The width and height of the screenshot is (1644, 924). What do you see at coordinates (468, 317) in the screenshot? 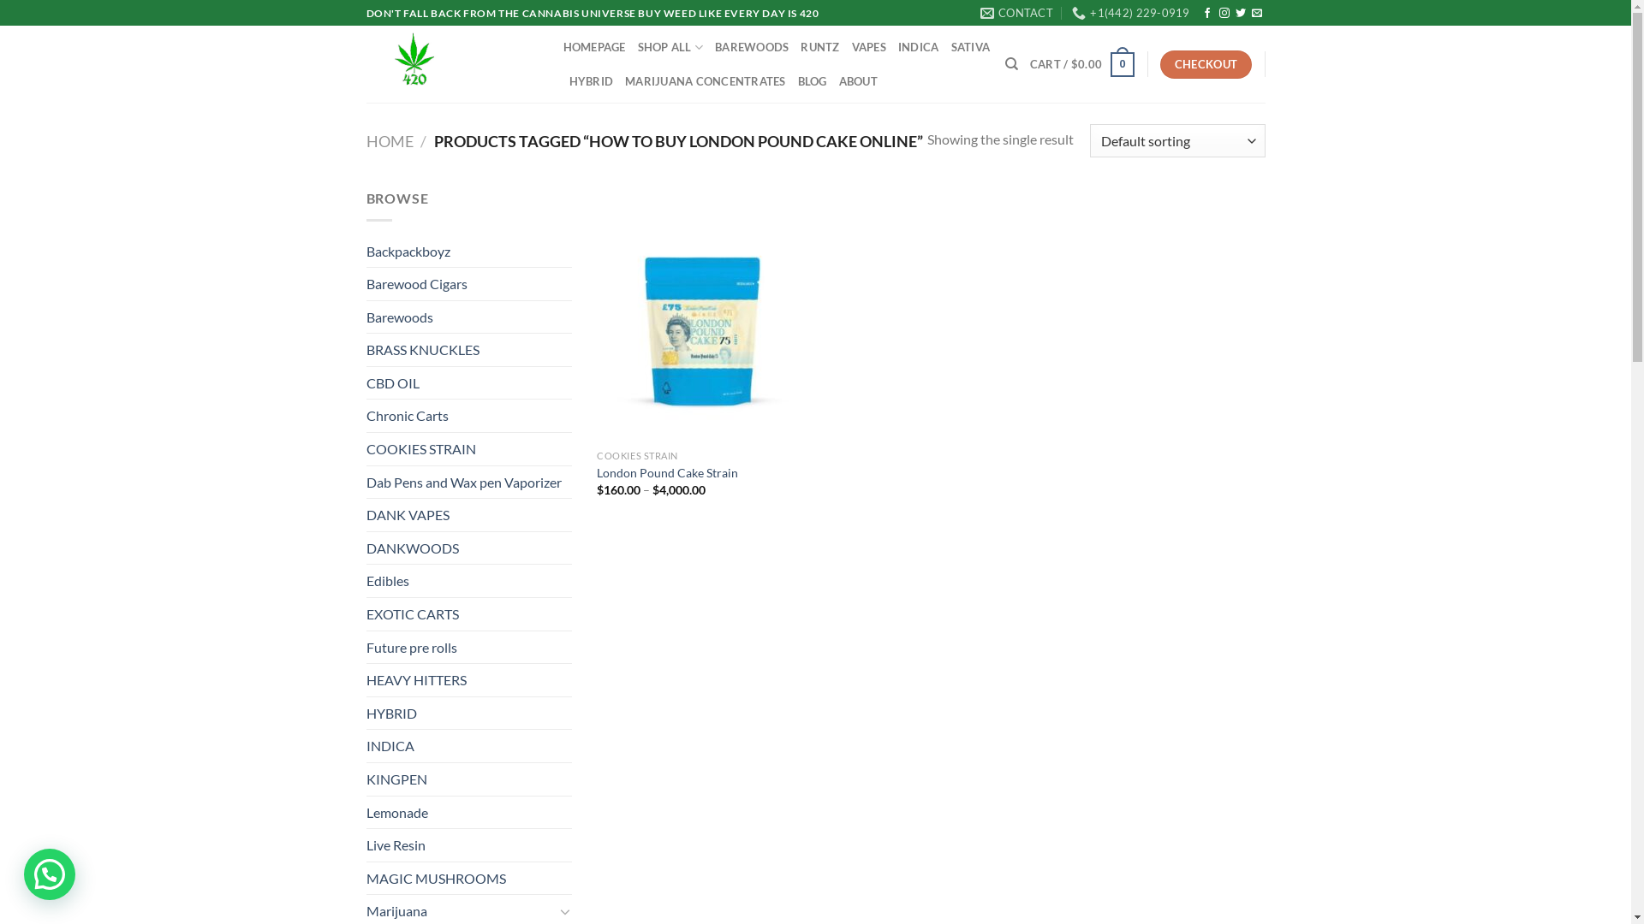
I see `'Barewoods'` at bounding box center [468, 317].